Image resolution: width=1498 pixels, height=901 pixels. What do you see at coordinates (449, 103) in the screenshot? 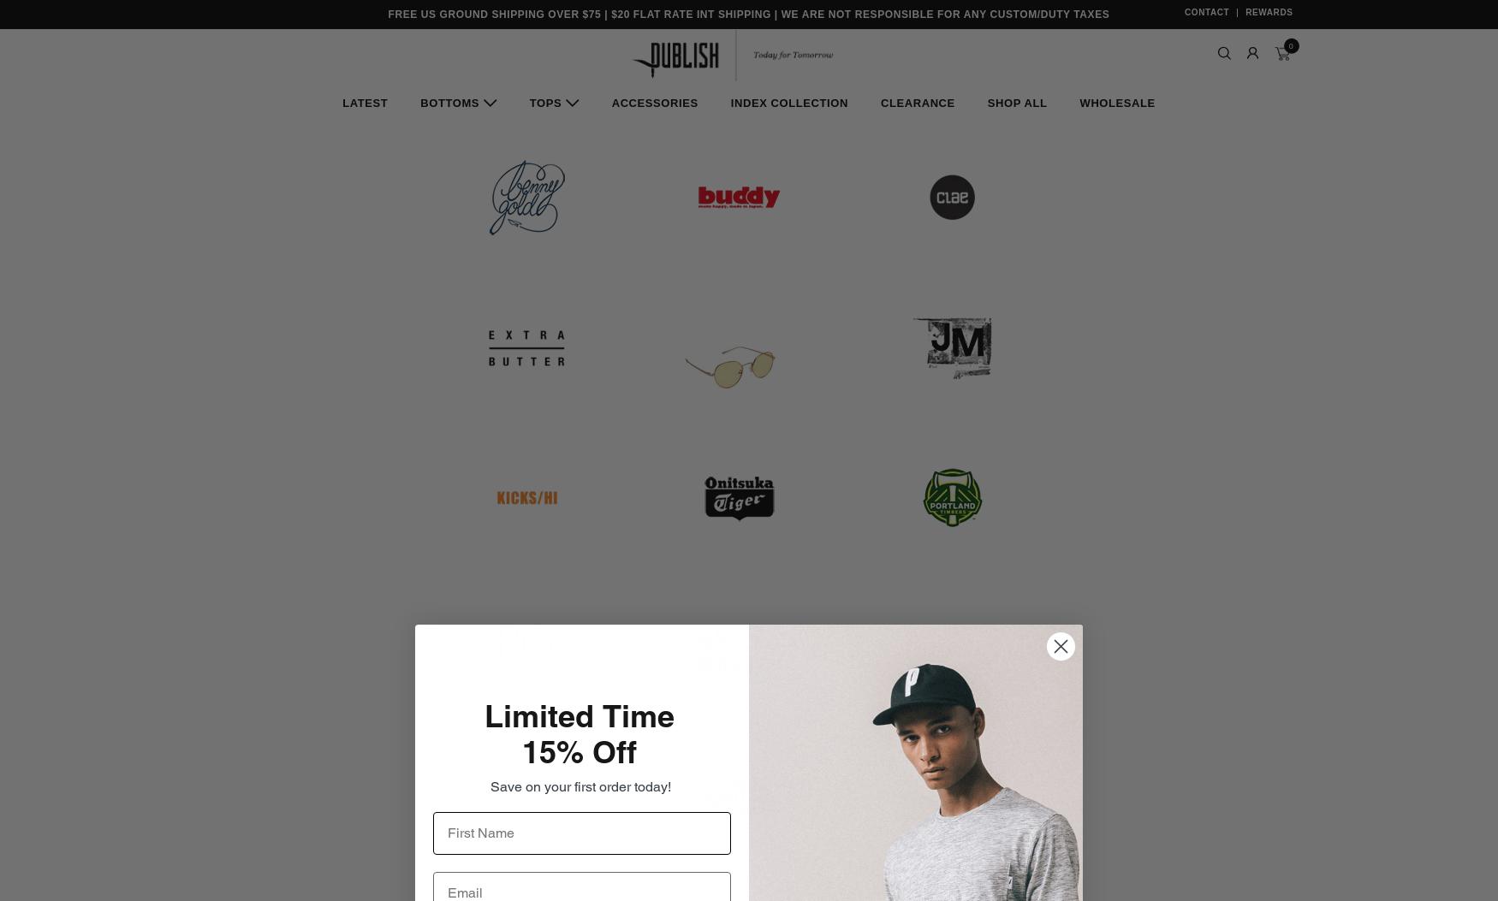
I see `'bottoms'` at bounding box center [449, 103].